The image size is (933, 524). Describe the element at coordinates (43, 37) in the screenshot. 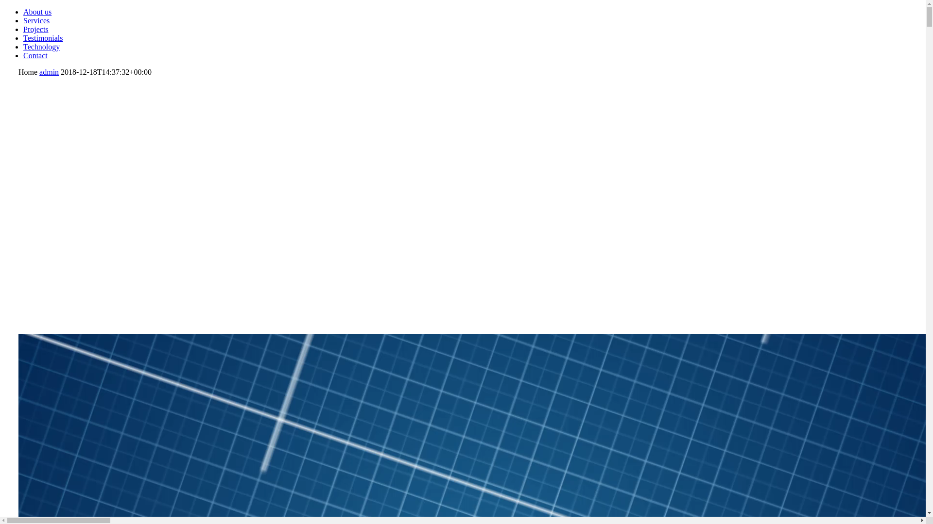

I see `'Testimonials'` at that location.